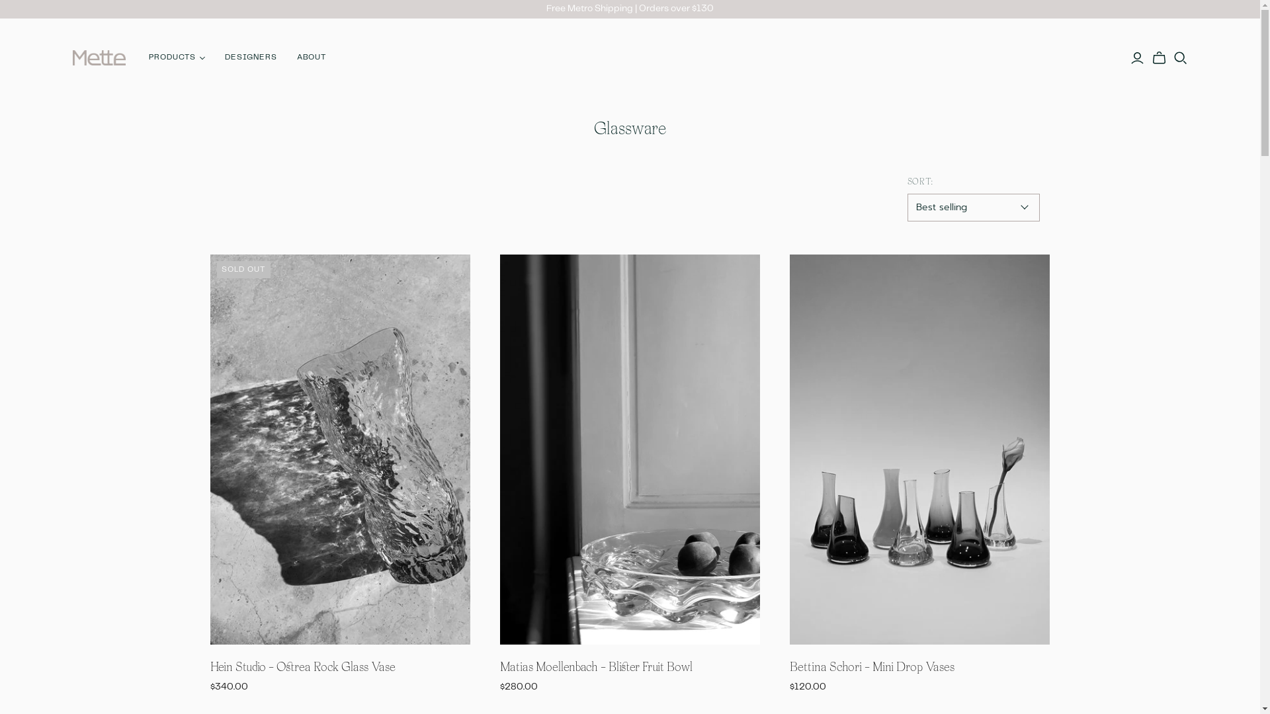 Image resolution: width=1270 pixels, height=714 pixels. What do you see at coordinates (251, 57) in the screenshot?
I see `'DESIGNERS'` at bounding box center [251, 57].